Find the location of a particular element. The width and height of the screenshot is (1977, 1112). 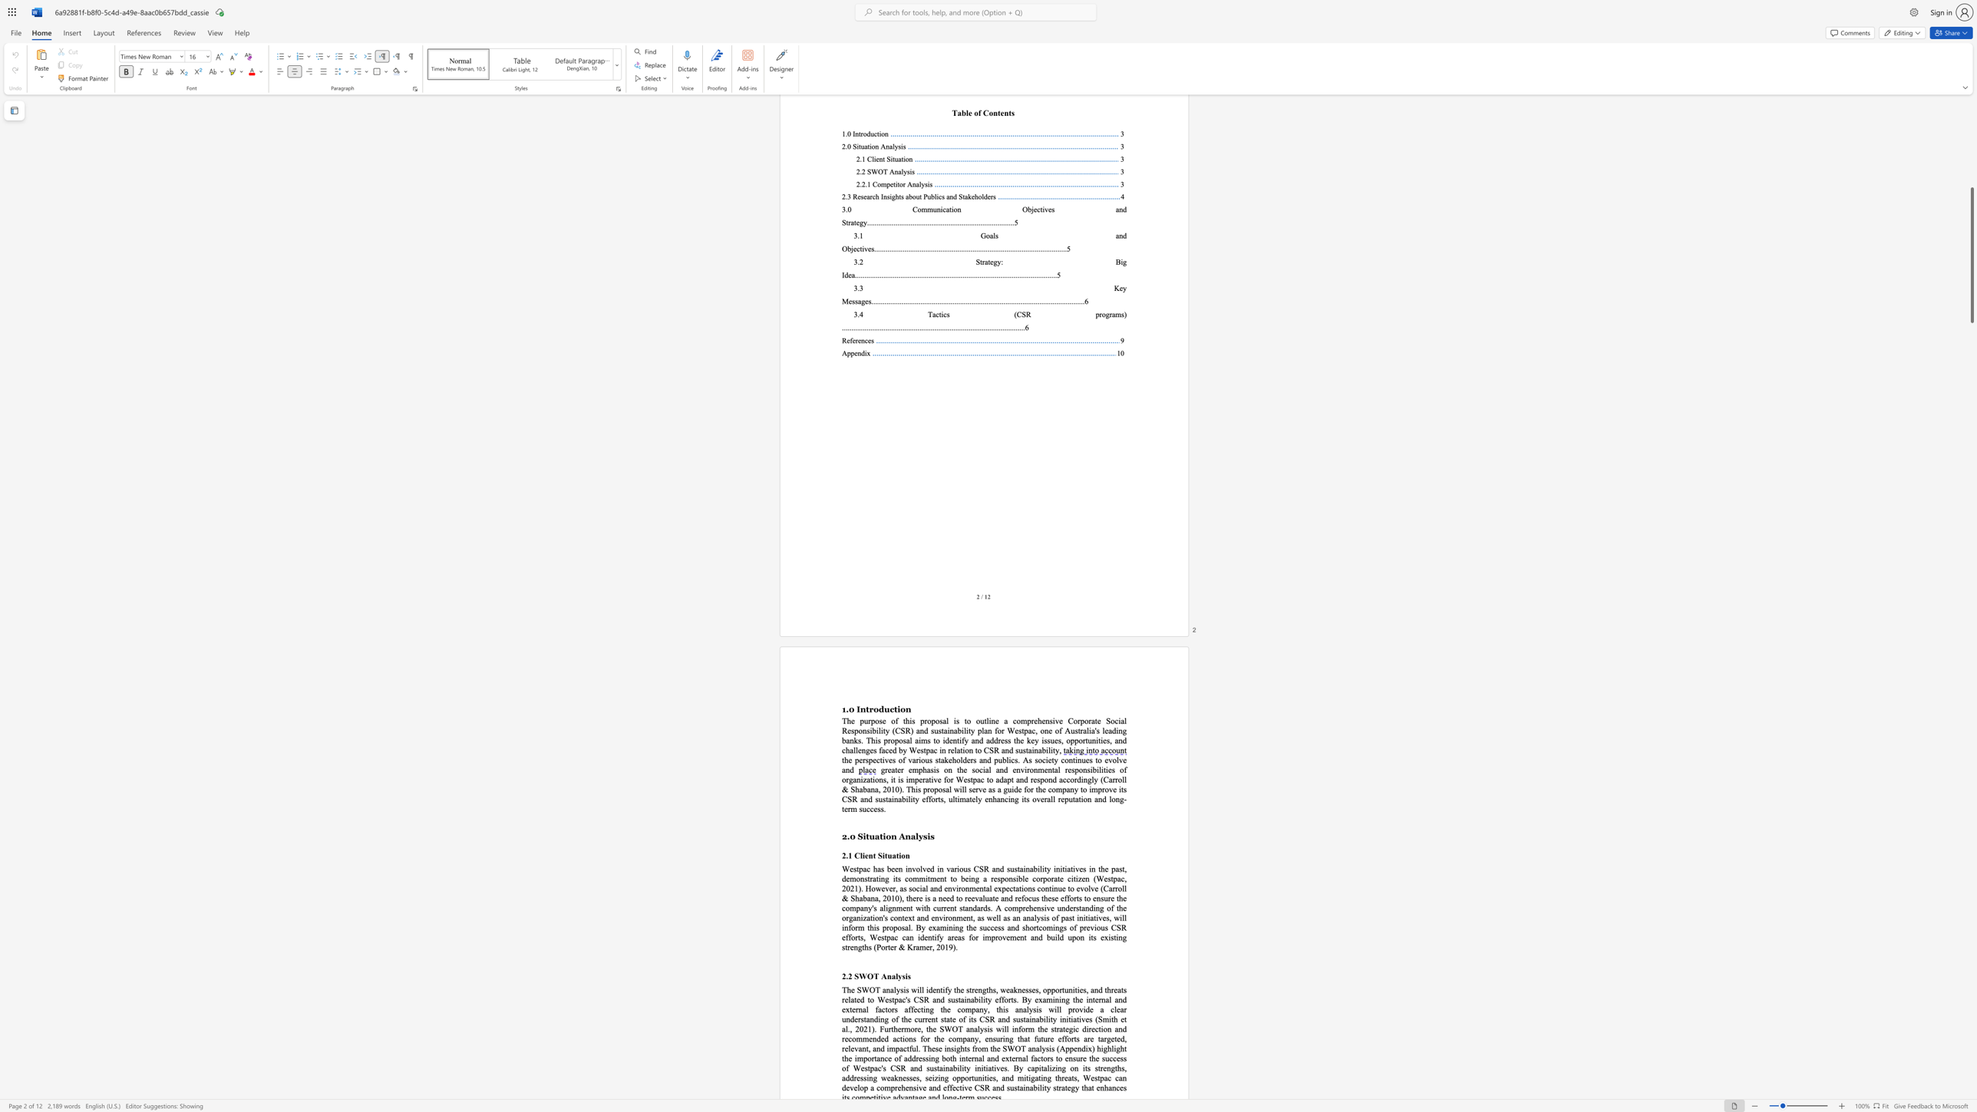

the subset text "ratin" within the text "demonstrating" is located at coordinates (869, 878).